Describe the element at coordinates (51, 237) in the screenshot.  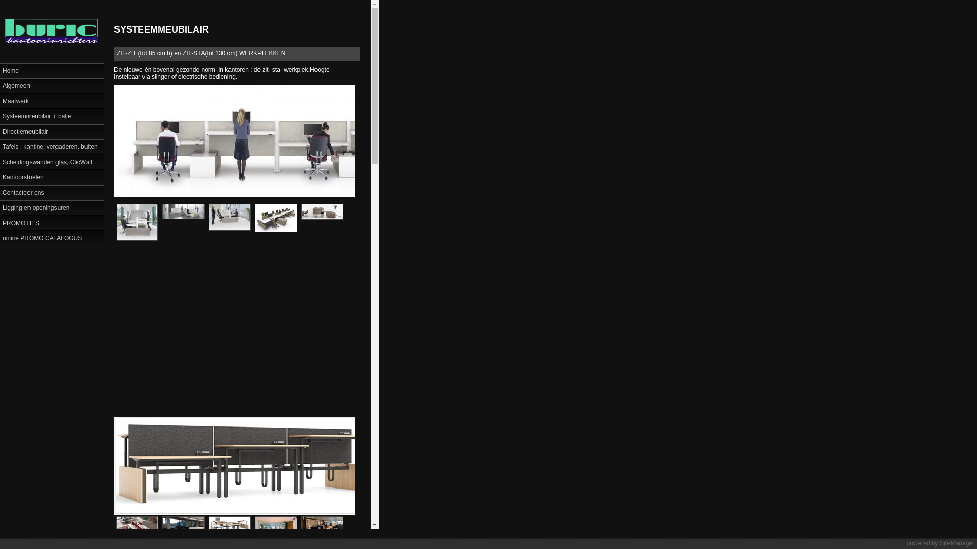
I see `'online PROMO CATALOGUS'` at that location.